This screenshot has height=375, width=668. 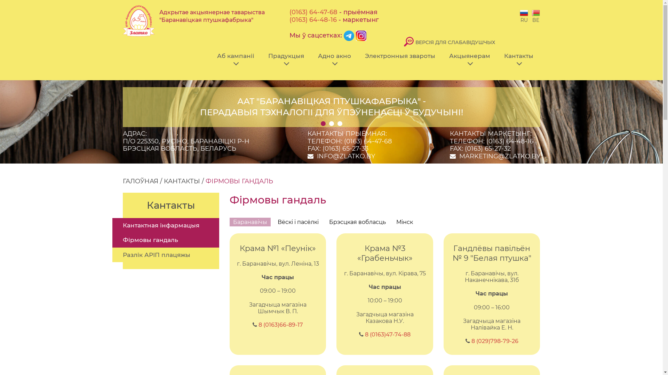 I want to click on 'INFO@ZLATKO.BY', so click(x=345, y=156).